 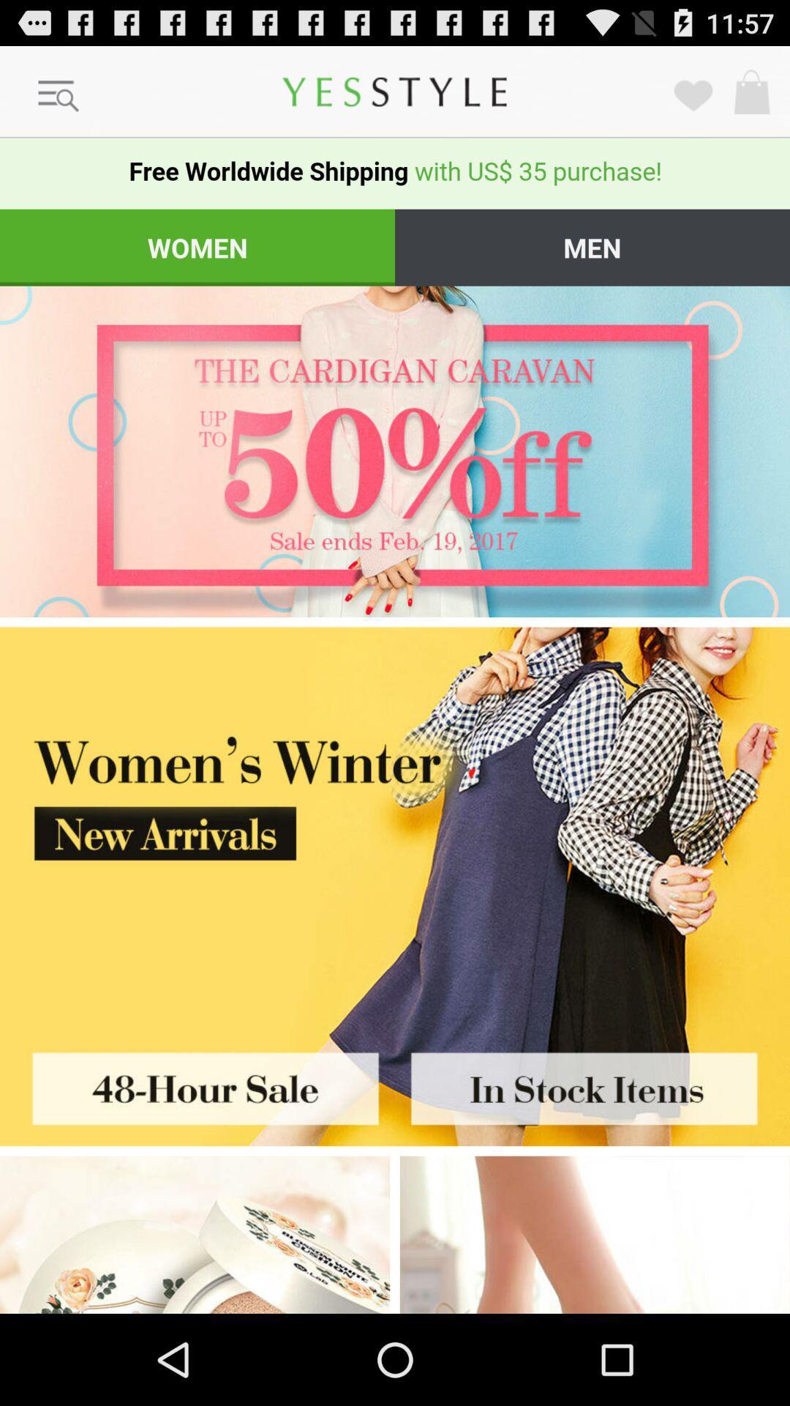 I want to click on advertisement page, so click(x=395, y=825).